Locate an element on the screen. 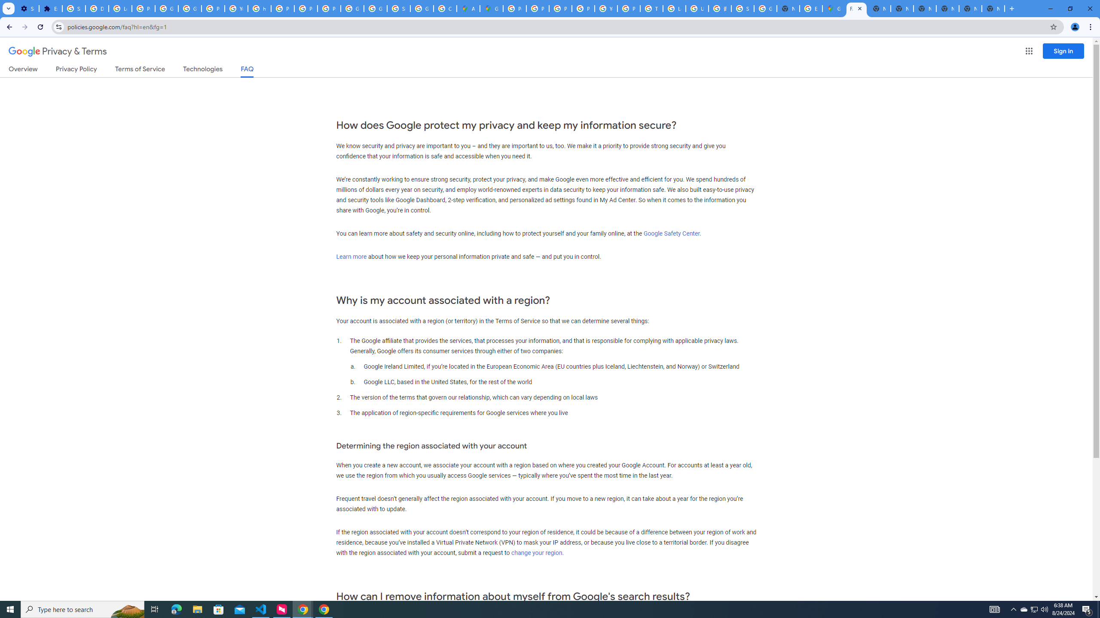  'YouTube' is located at coordinates (606, 8).